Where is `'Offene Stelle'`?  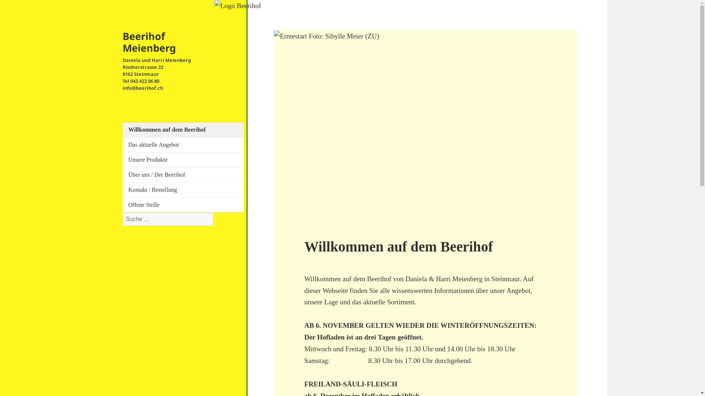
'Offene Stelle' is located at coordinates (186, 205).